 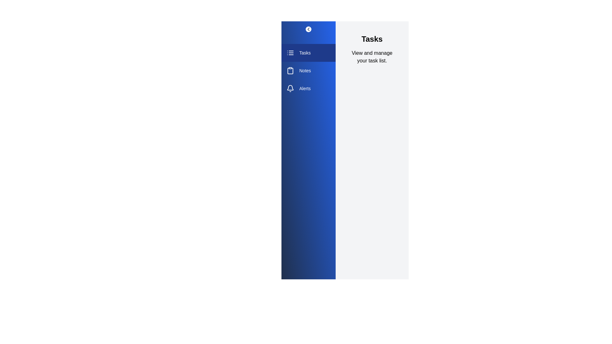 What do you see at coordinates (372, 39) in the screenshot?
I see `the main display text 'Tasks' to interact with it` at bounding box center [372, 39].